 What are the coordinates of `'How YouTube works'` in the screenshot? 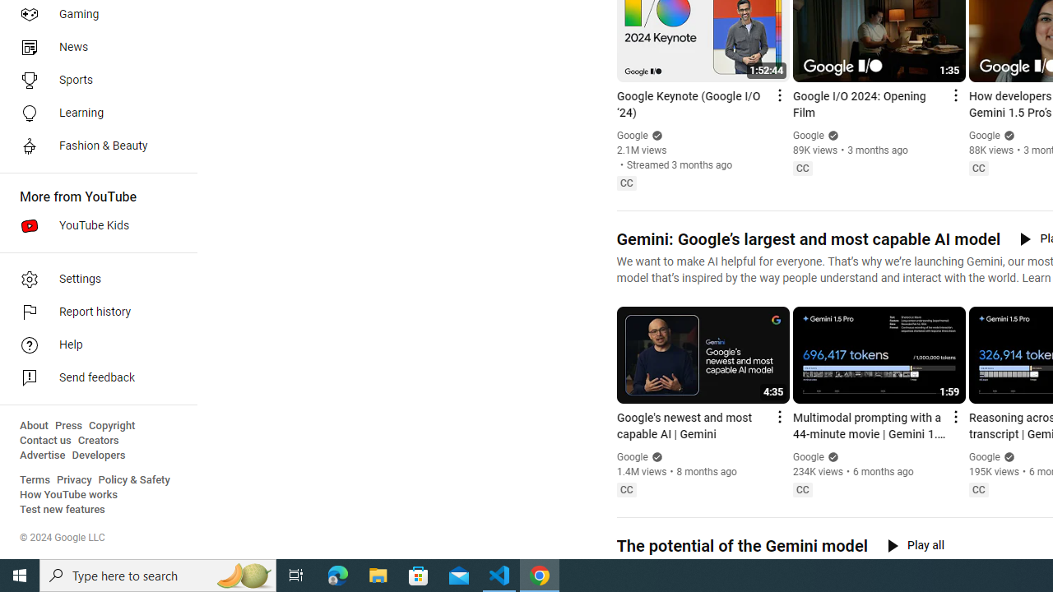 It's located at (67, 494).